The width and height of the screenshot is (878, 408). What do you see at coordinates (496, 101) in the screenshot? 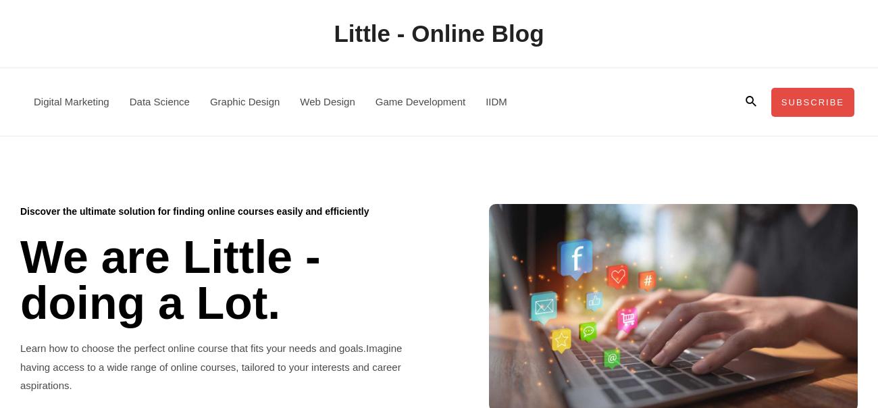
I see `'IIDM'` at bounding box center [496, 101].